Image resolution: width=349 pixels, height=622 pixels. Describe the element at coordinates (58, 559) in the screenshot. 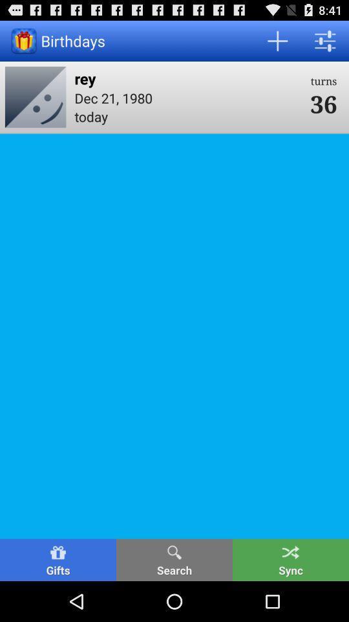

I see `the gifts` at that location.